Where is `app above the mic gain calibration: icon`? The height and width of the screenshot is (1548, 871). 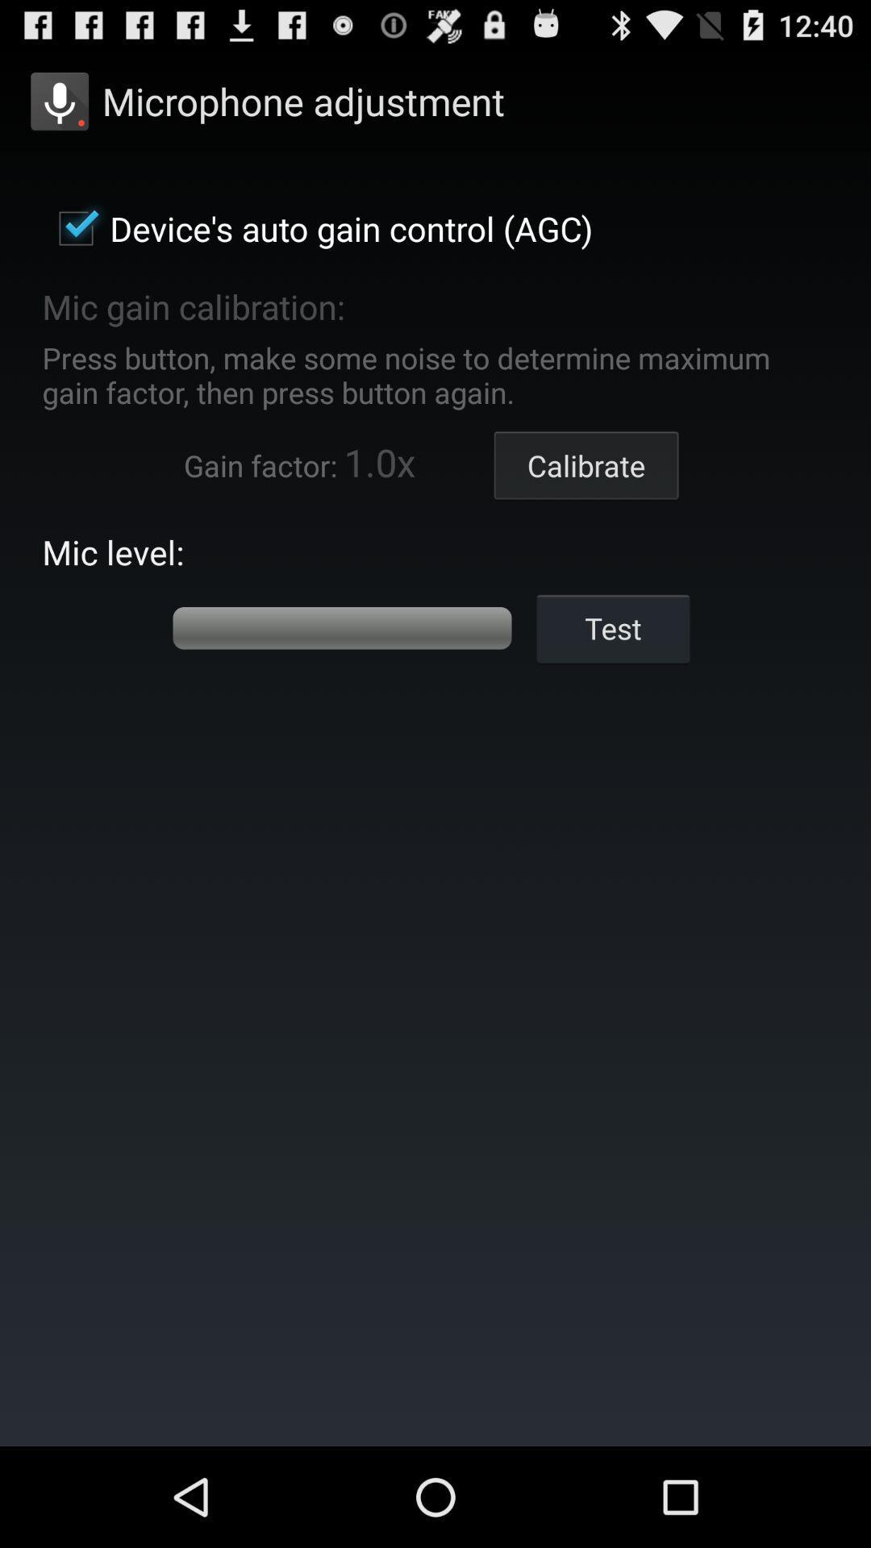
app above the mic gain calibration: icon is located at coordinates (317, 227).